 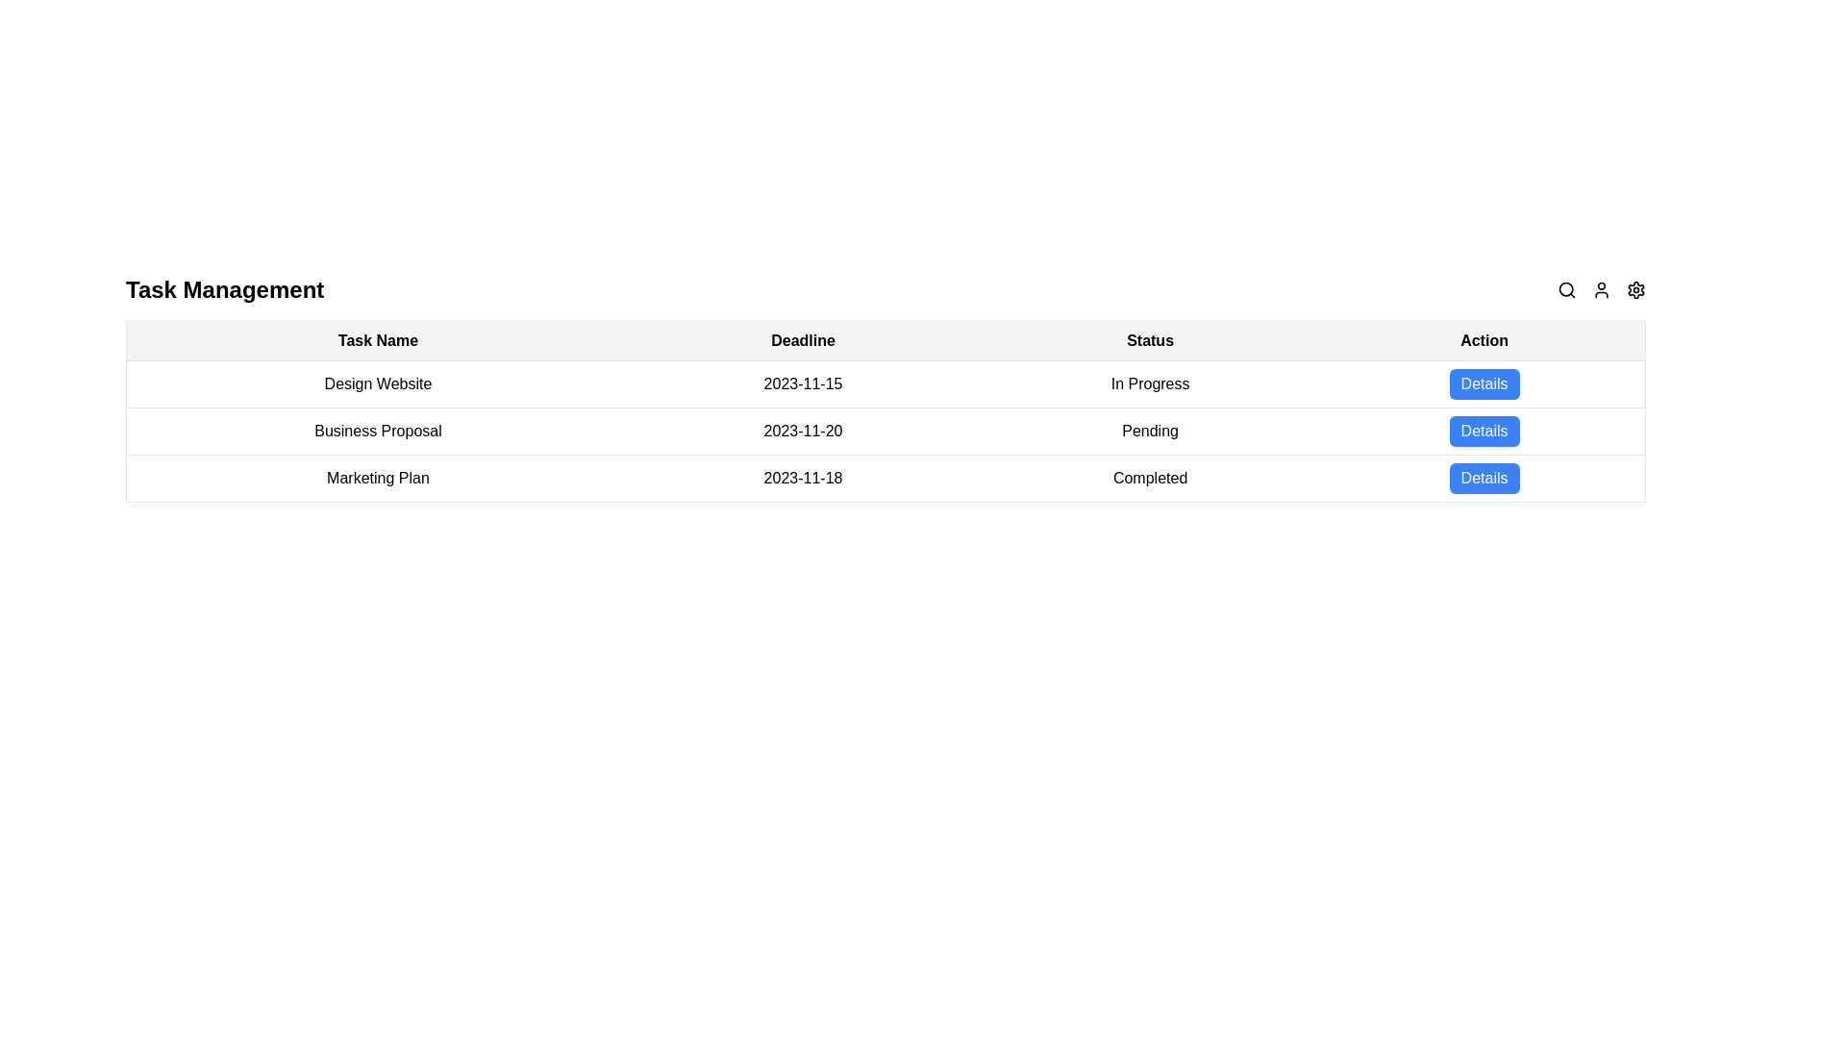 I want to click on the 'Details' button with a blue background and white text in the 'Action' column of the table row for the 'Business Proposal' task, so click(x=1484, y=430).